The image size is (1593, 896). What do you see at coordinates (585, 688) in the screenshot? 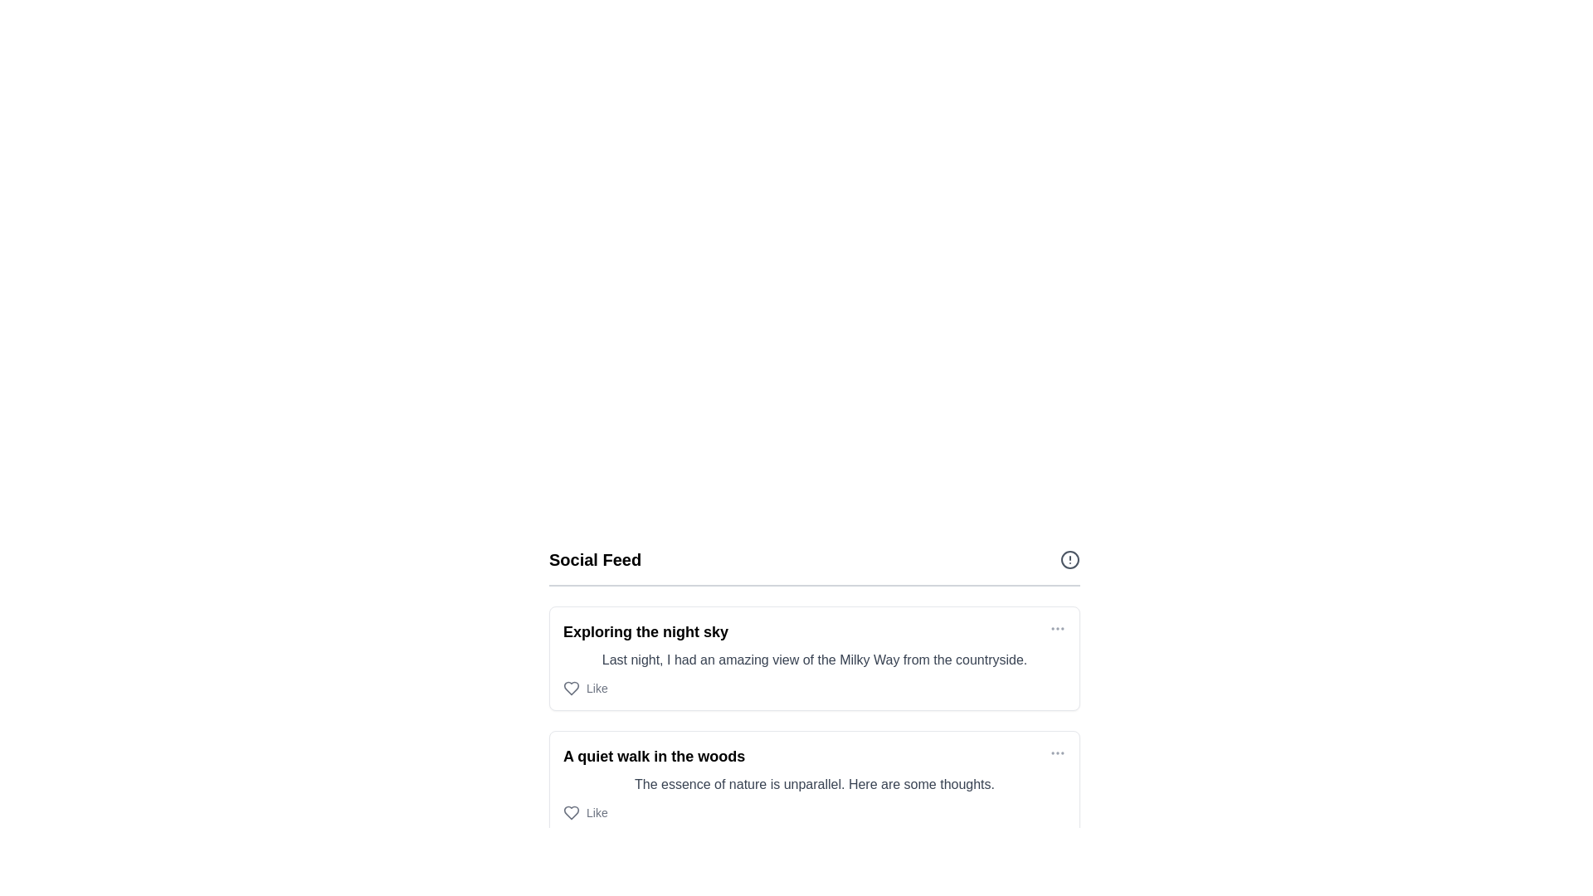
I see `the 'Like' button with an icon and text located at the bottom left of the post card titled 'Exploring the night sky'` at bounding box center [585, 688].